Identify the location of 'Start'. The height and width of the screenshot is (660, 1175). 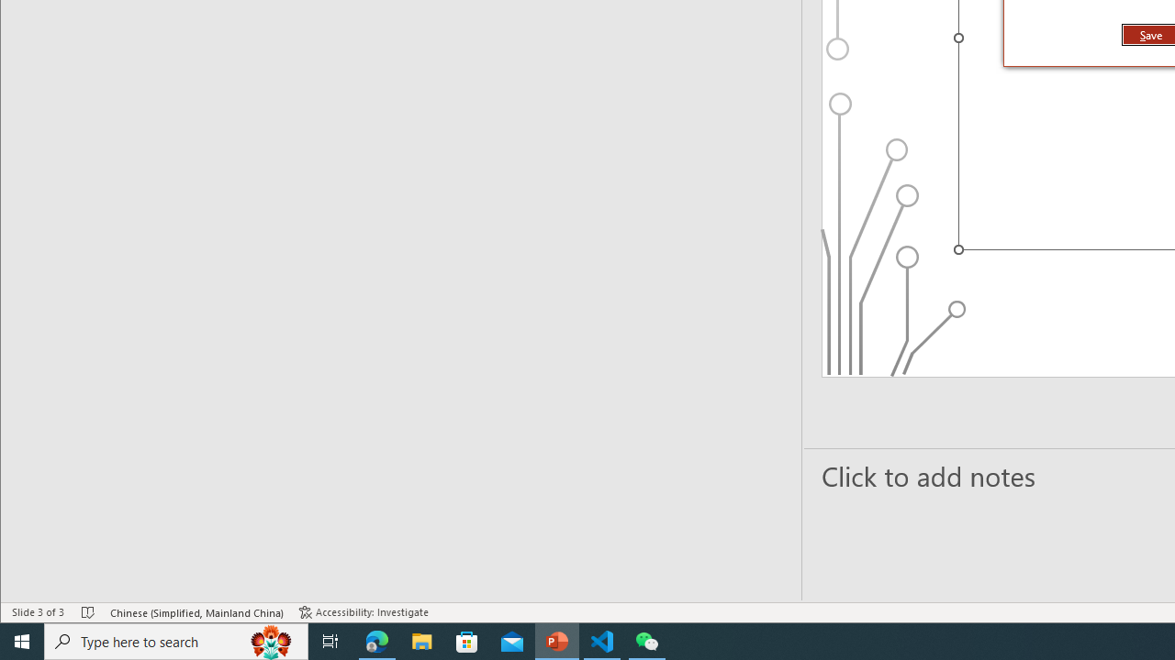
(22, 640).